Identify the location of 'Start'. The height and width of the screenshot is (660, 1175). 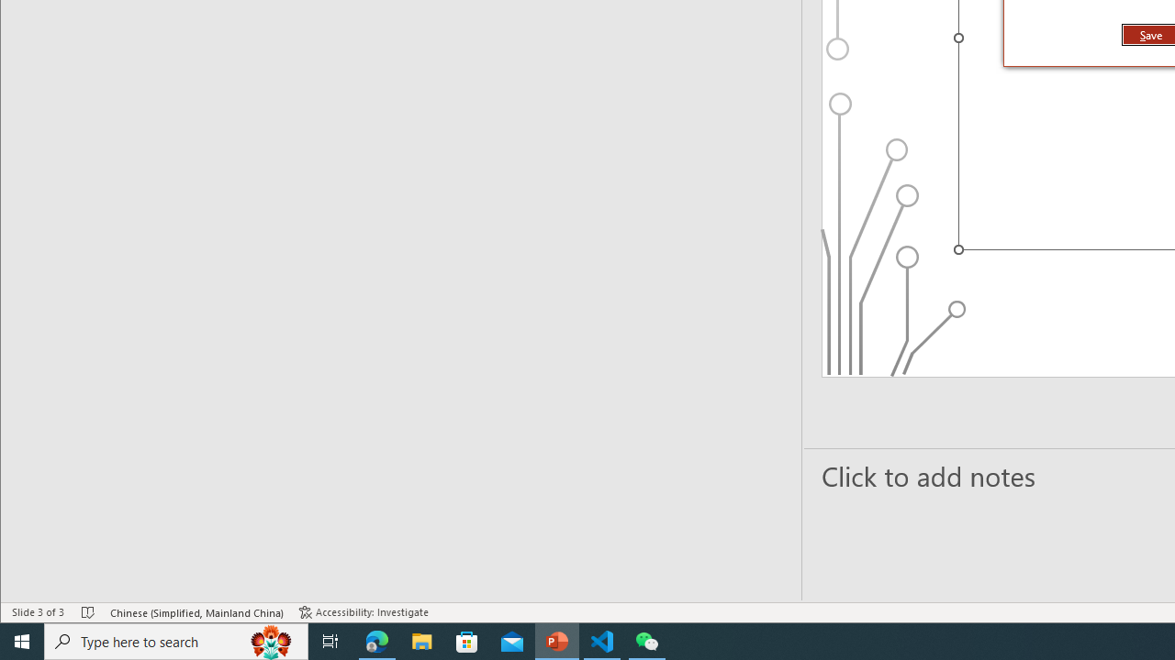
(22, 640).